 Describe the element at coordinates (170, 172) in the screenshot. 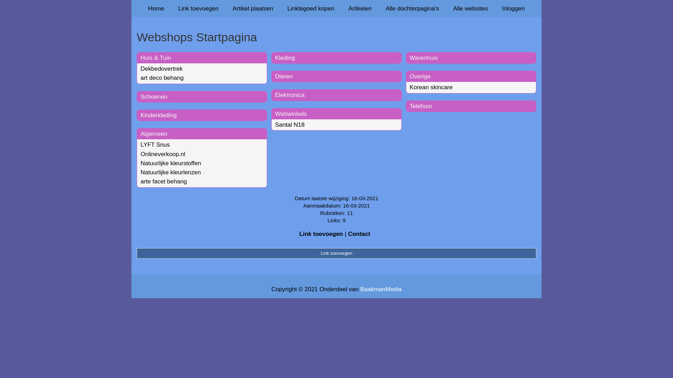

I see `'Natuurlijke kleurlenzen'` at that location.